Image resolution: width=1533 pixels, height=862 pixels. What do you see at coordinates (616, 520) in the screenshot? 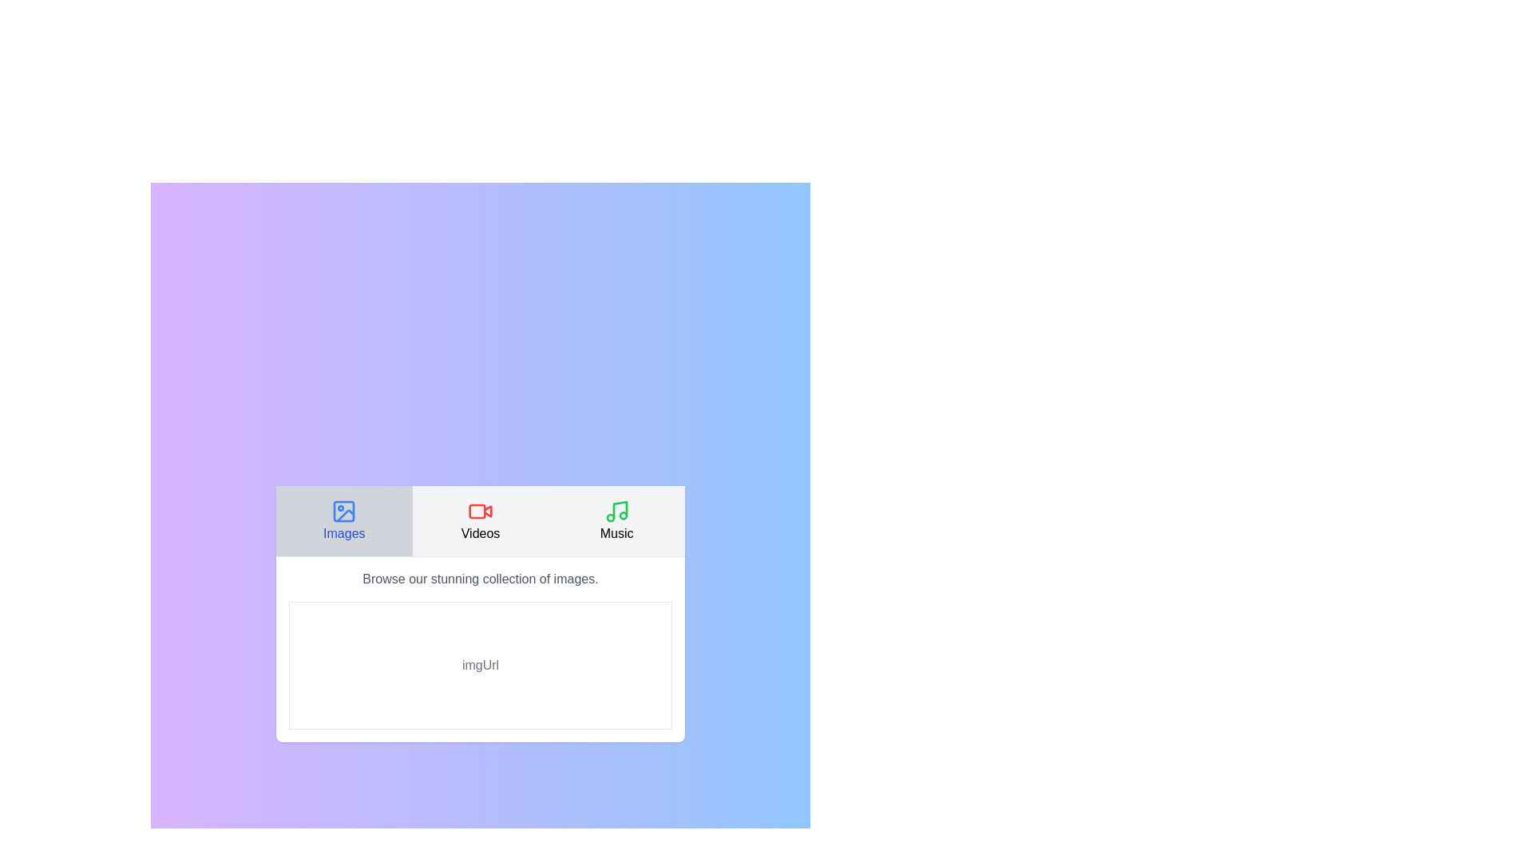
I see `the Music tab to view its content` at bounding box center [616, 520].